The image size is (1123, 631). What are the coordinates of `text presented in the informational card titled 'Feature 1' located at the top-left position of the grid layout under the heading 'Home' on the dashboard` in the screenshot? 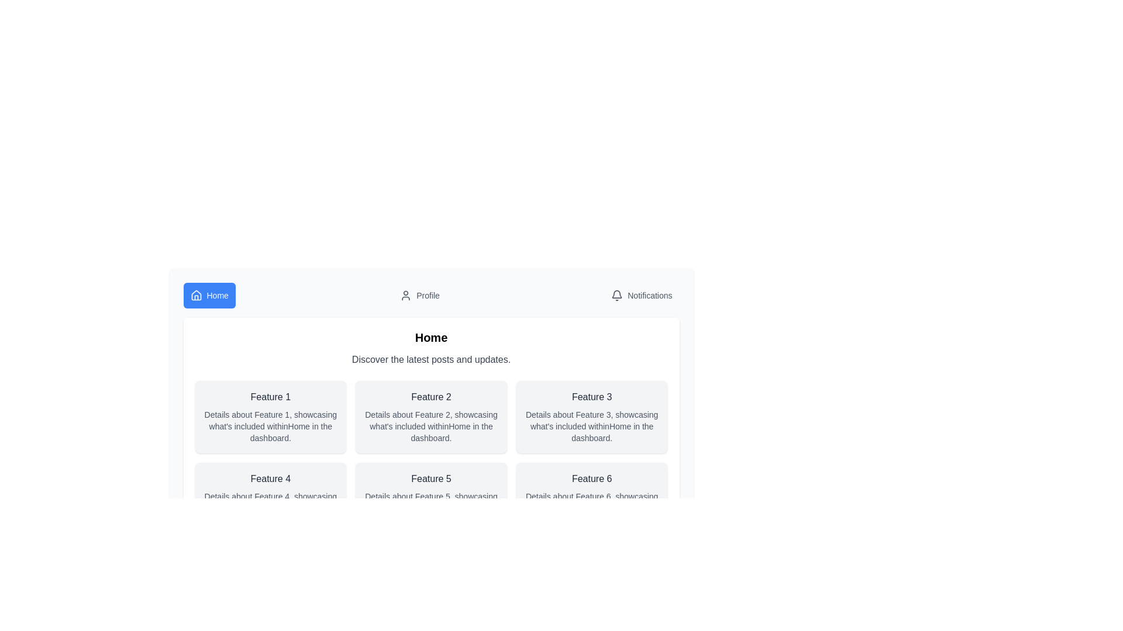 It's located at (270, 416).